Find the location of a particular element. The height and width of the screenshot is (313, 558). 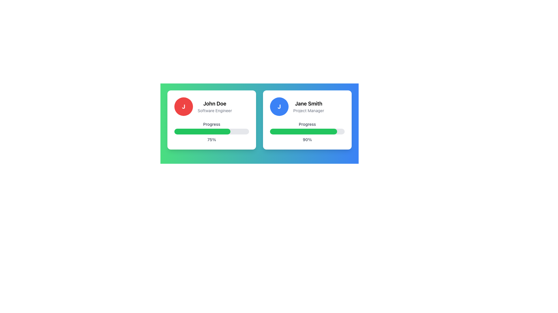

the nearly full horizontal green progress bar with rounded corners located in the right card beneath the 'Progress' label and above the '90%' text is located at coordinates (303, 132).